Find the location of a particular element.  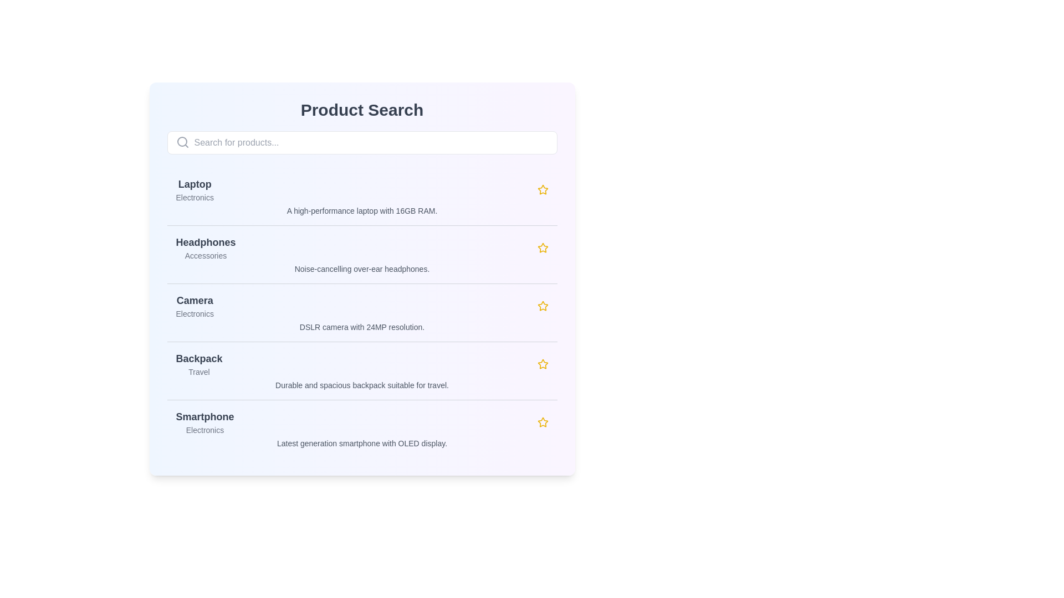

the text label describing the 'Smartphone' product category, which is located beneath 'Electronics' and to the left of the favorite star icon is located at coordinates (362, 443).